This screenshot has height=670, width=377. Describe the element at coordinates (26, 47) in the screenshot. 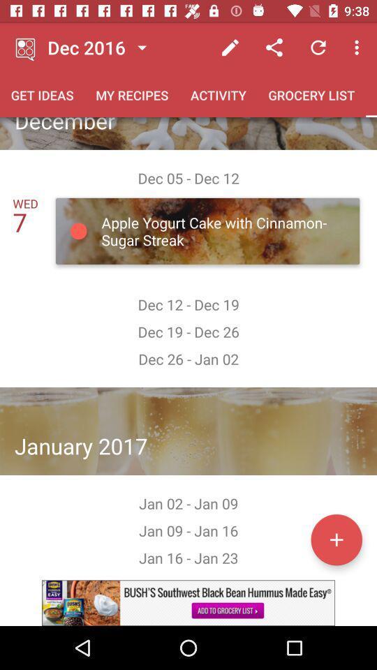

I see `the icon which is at the top left corner of the page` at that location.